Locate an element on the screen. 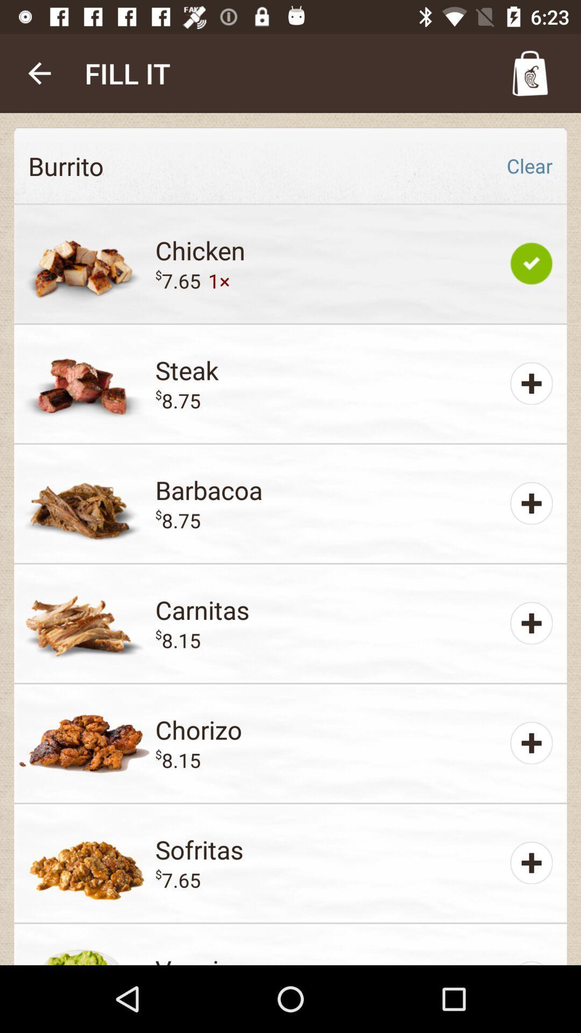 Image resolution: width=581 pixels, height=1033 pixels. clear item is located at coordinates (529, 165).